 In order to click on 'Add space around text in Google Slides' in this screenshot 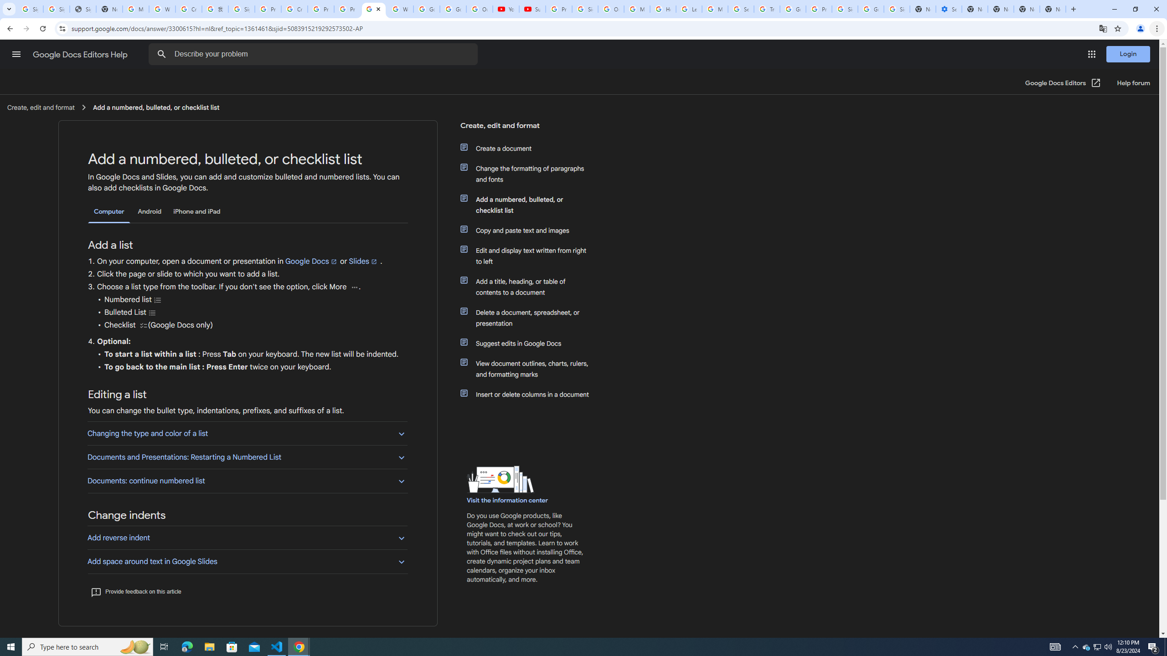, I will do `click(247, 561)`.